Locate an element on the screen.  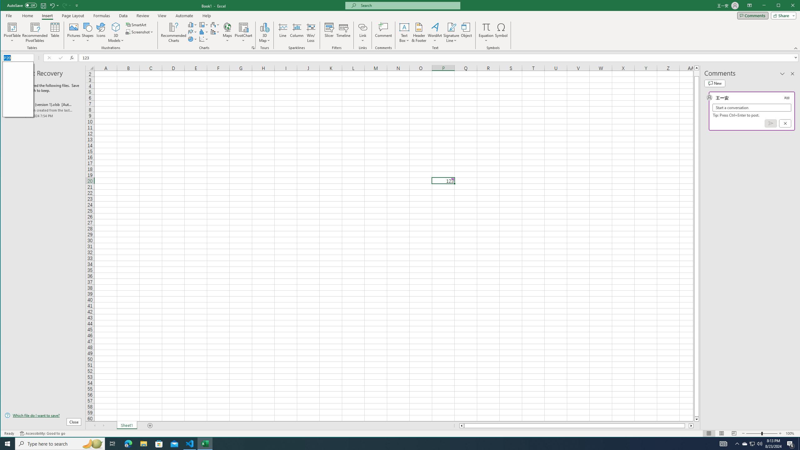
'Insert Combo Chart' is located at coordinates (215, 32).